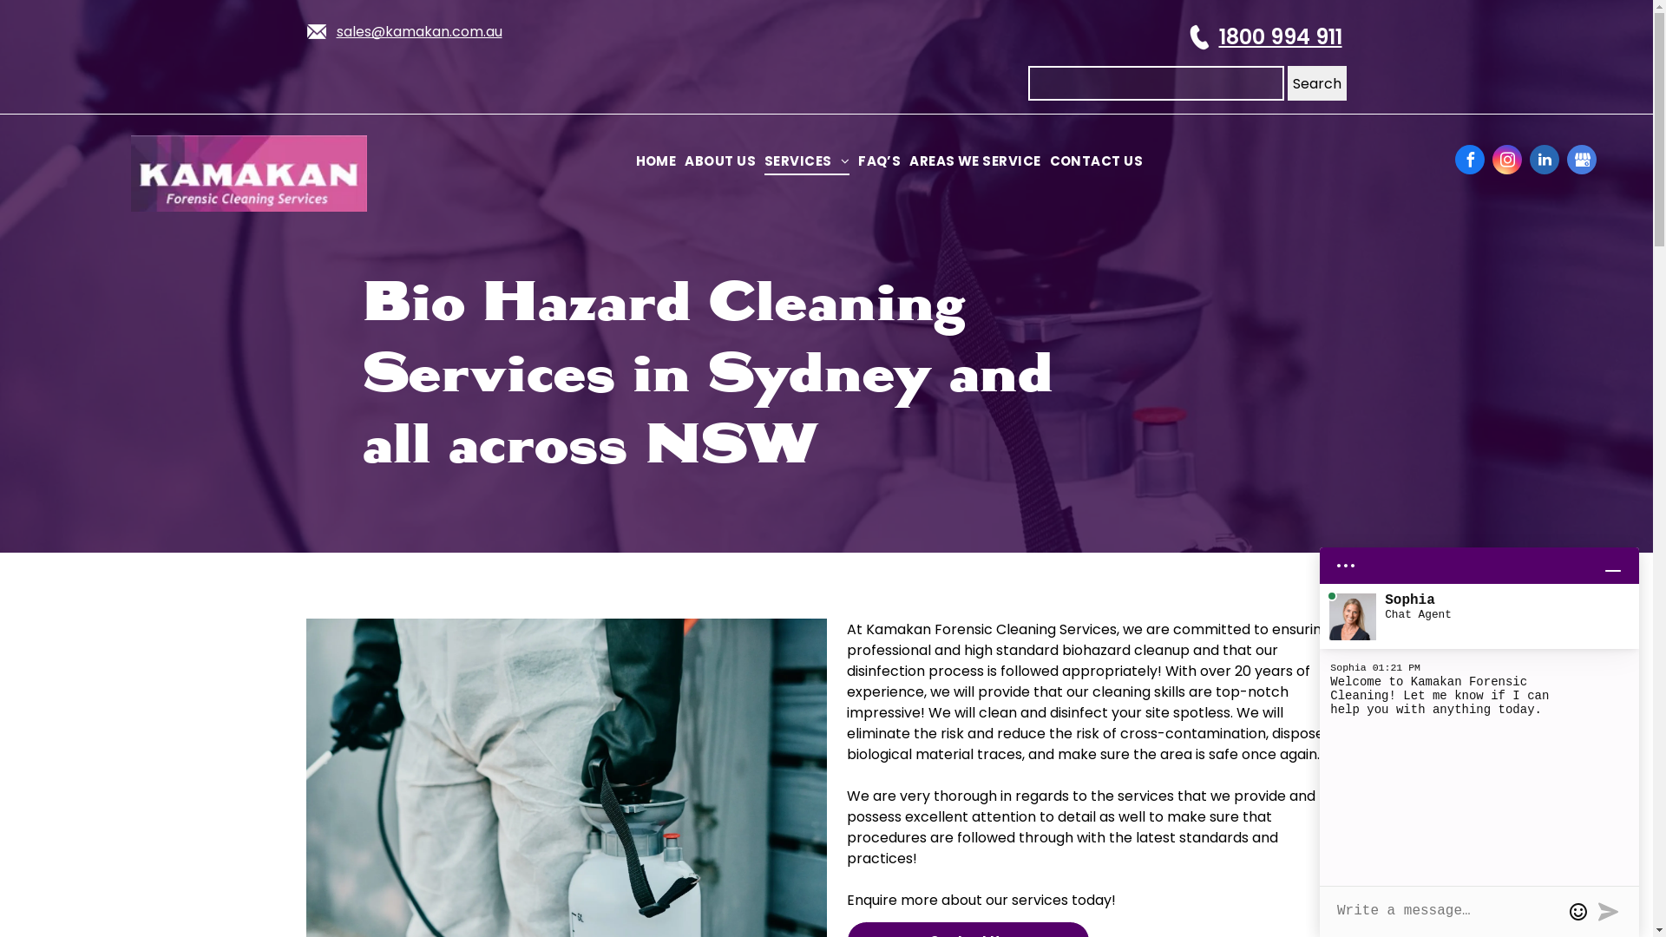 The height and width of the screenshot is (937, 1666). Describe the element at coordinates (655, 161) in the screenshot. I see `'HOME'` at that location.